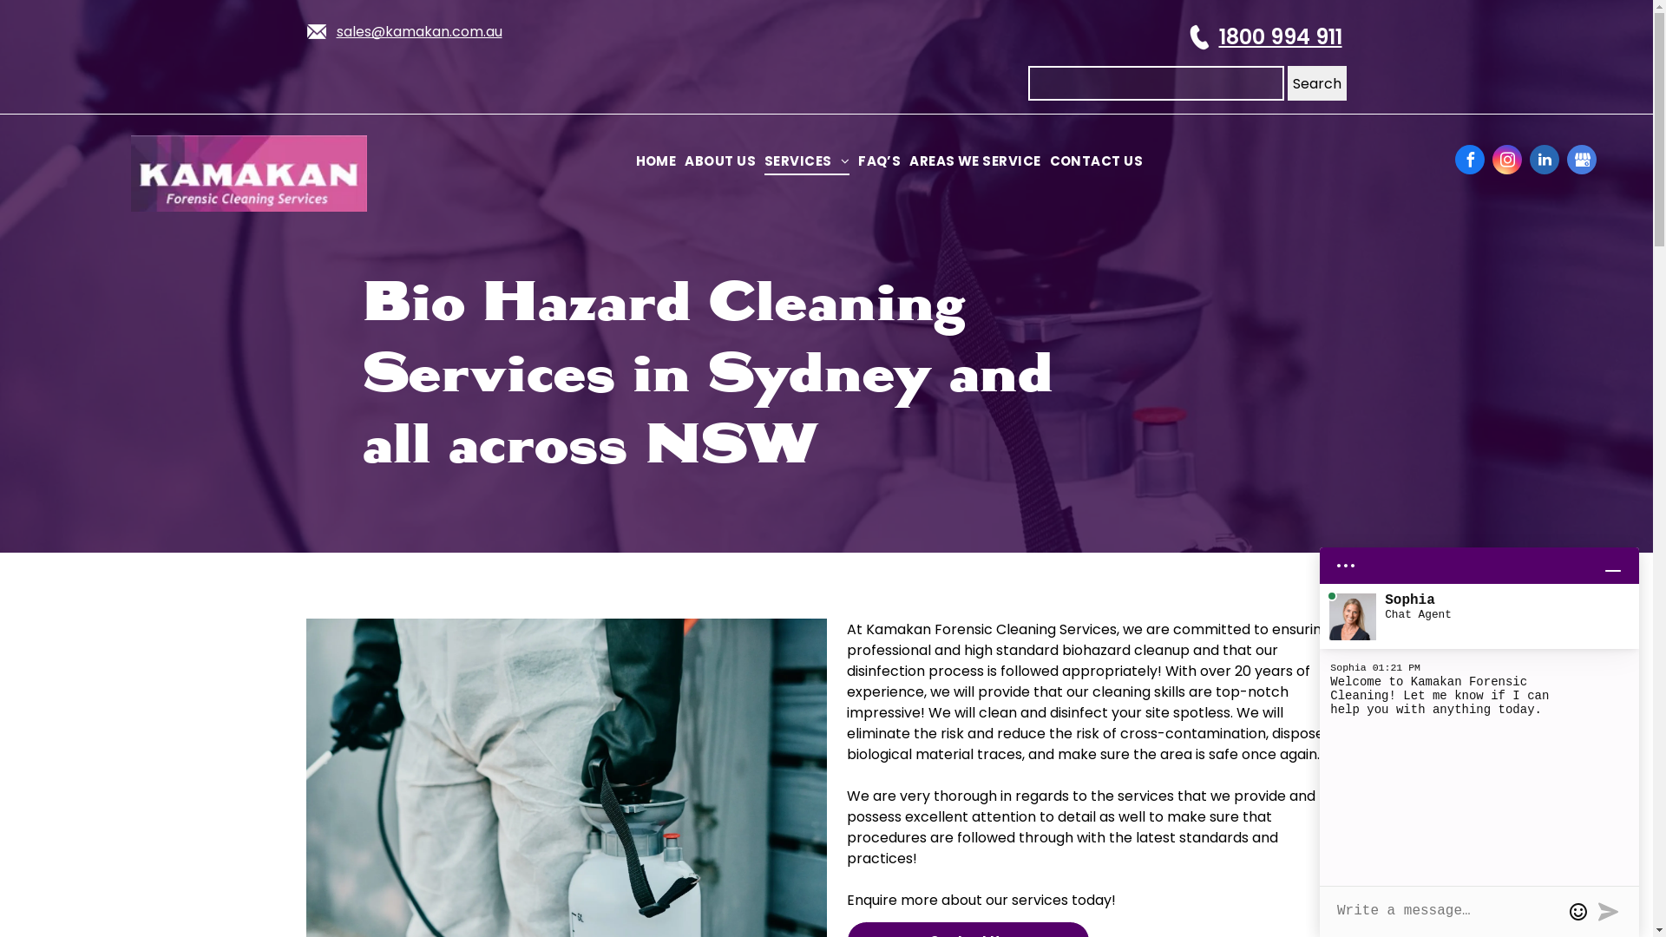 The height and width of the screenshot is (937, 1666). Describe the element at coordinates (655, 161) in the screenshot. I see `'HOME'` at that location.